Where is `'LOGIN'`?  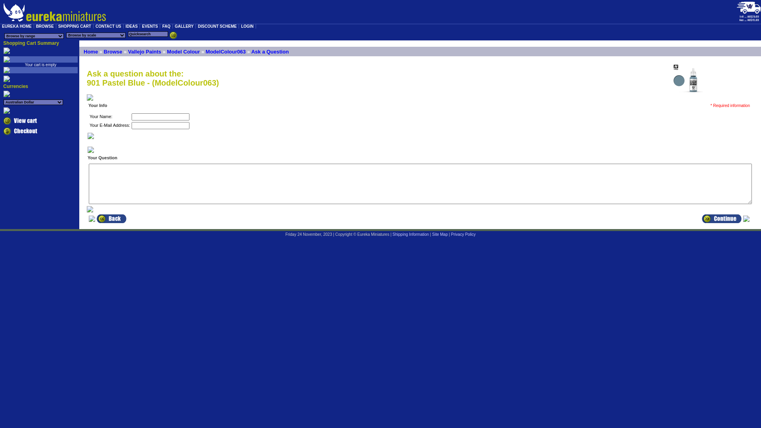 'LOGIN' is located at coordinates (247, 26).